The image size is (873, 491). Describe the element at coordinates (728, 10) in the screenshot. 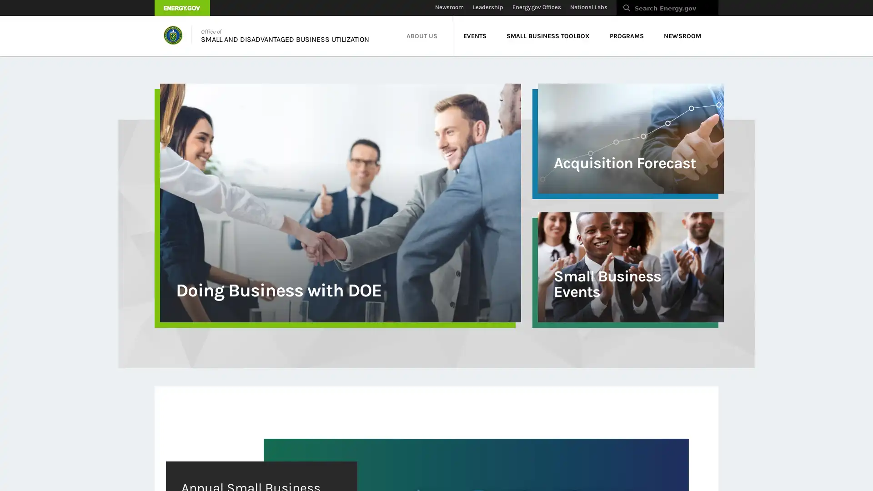

I see `SEARCH` at that location.